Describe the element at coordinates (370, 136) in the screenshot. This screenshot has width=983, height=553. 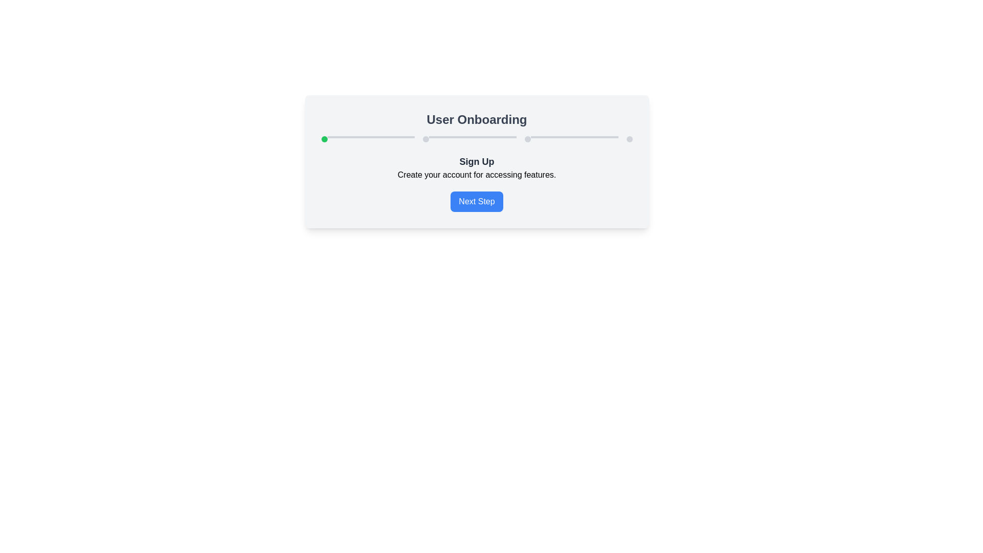
I see `the first progress bar segment, which is a horizontal rectangular bar with a light gray background, located right of a small filled green circle and left of another light gray circular indicator` at that location.